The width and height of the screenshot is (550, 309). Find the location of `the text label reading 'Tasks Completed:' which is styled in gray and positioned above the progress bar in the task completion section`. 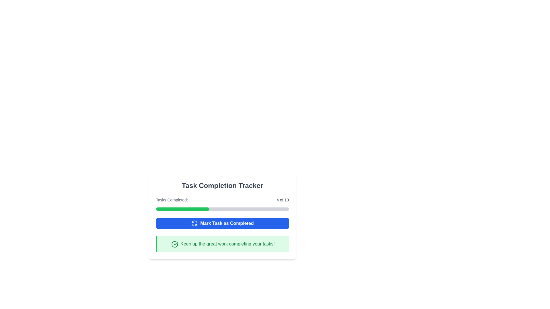

the text label reading 'Tasks Completed:' which is styled in gray and positioned above the progress bar in the task completion section is located at coordinates (172, 199).